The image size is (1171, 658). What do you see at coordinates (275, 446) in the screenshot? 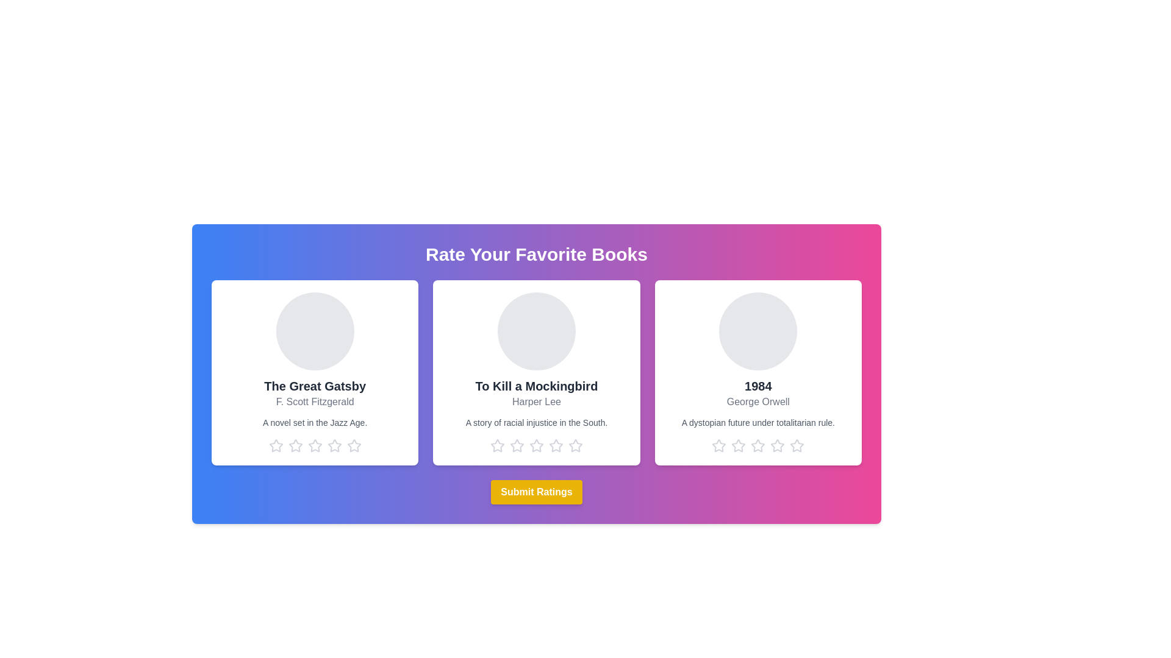
I see `the star corresponding to 1 stars for the book titled The Great Gatsby` at bounding box center [275, 446].